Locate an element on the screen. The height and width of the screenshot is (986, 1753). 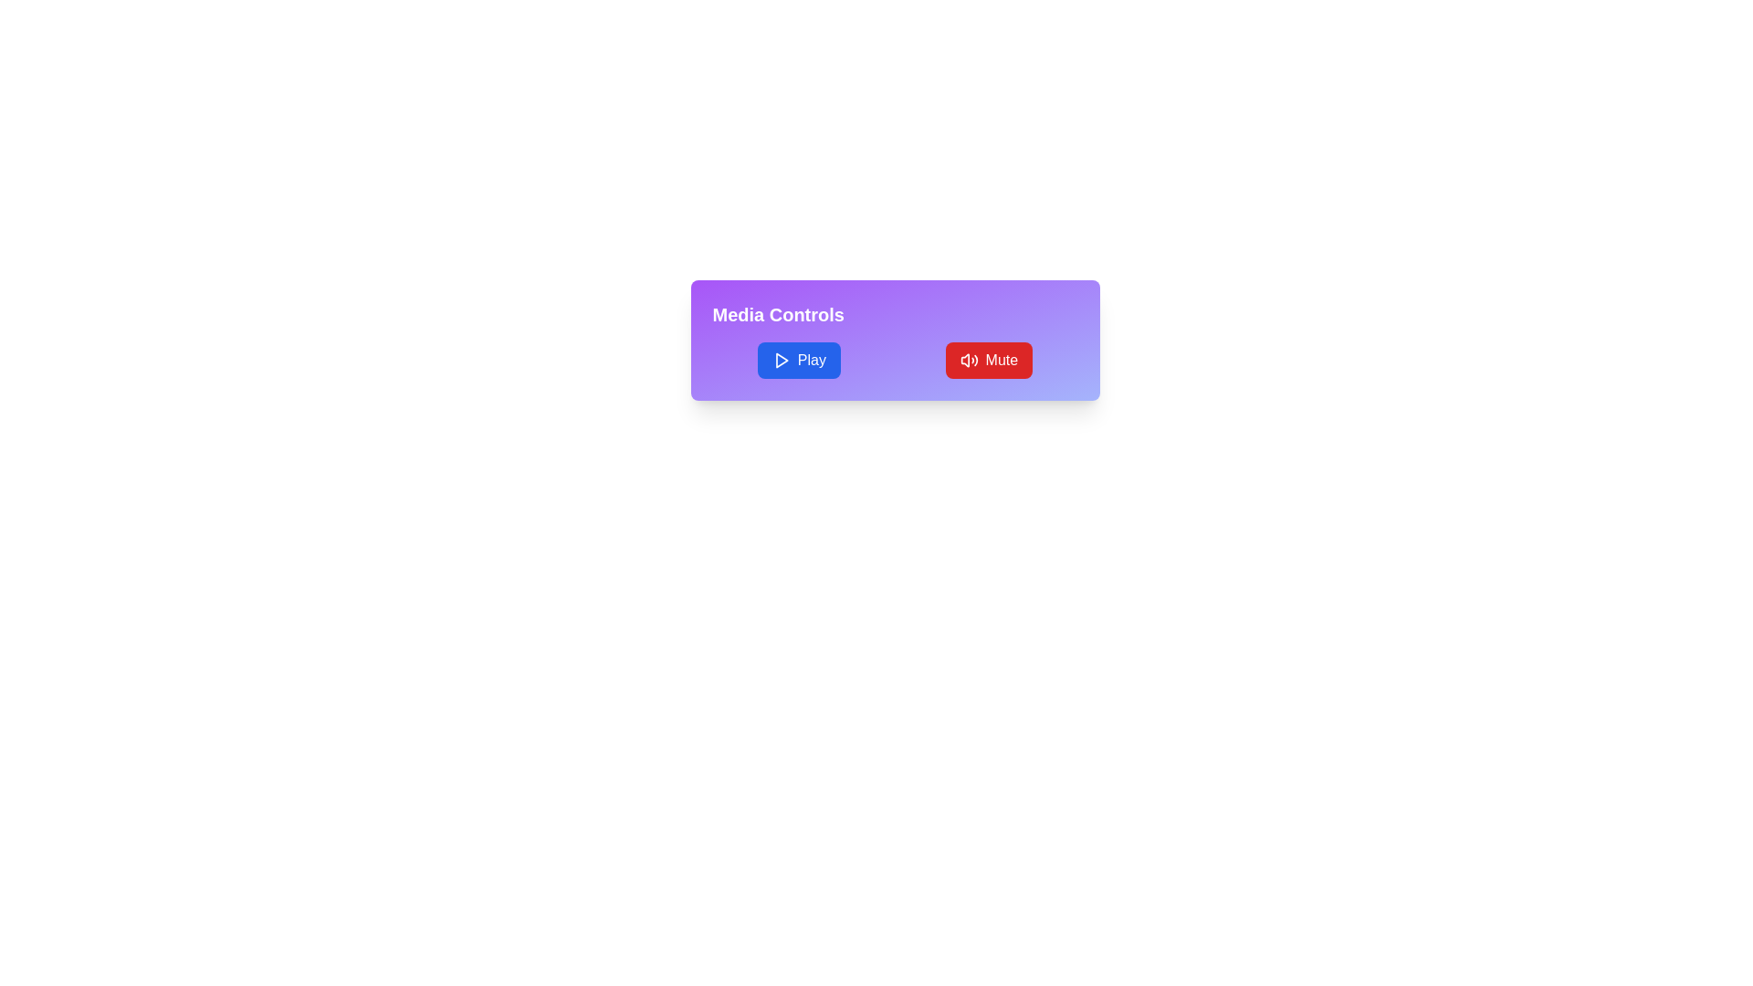
the 'Play' button to toggle the playback state is located at coordinates (799, 360).